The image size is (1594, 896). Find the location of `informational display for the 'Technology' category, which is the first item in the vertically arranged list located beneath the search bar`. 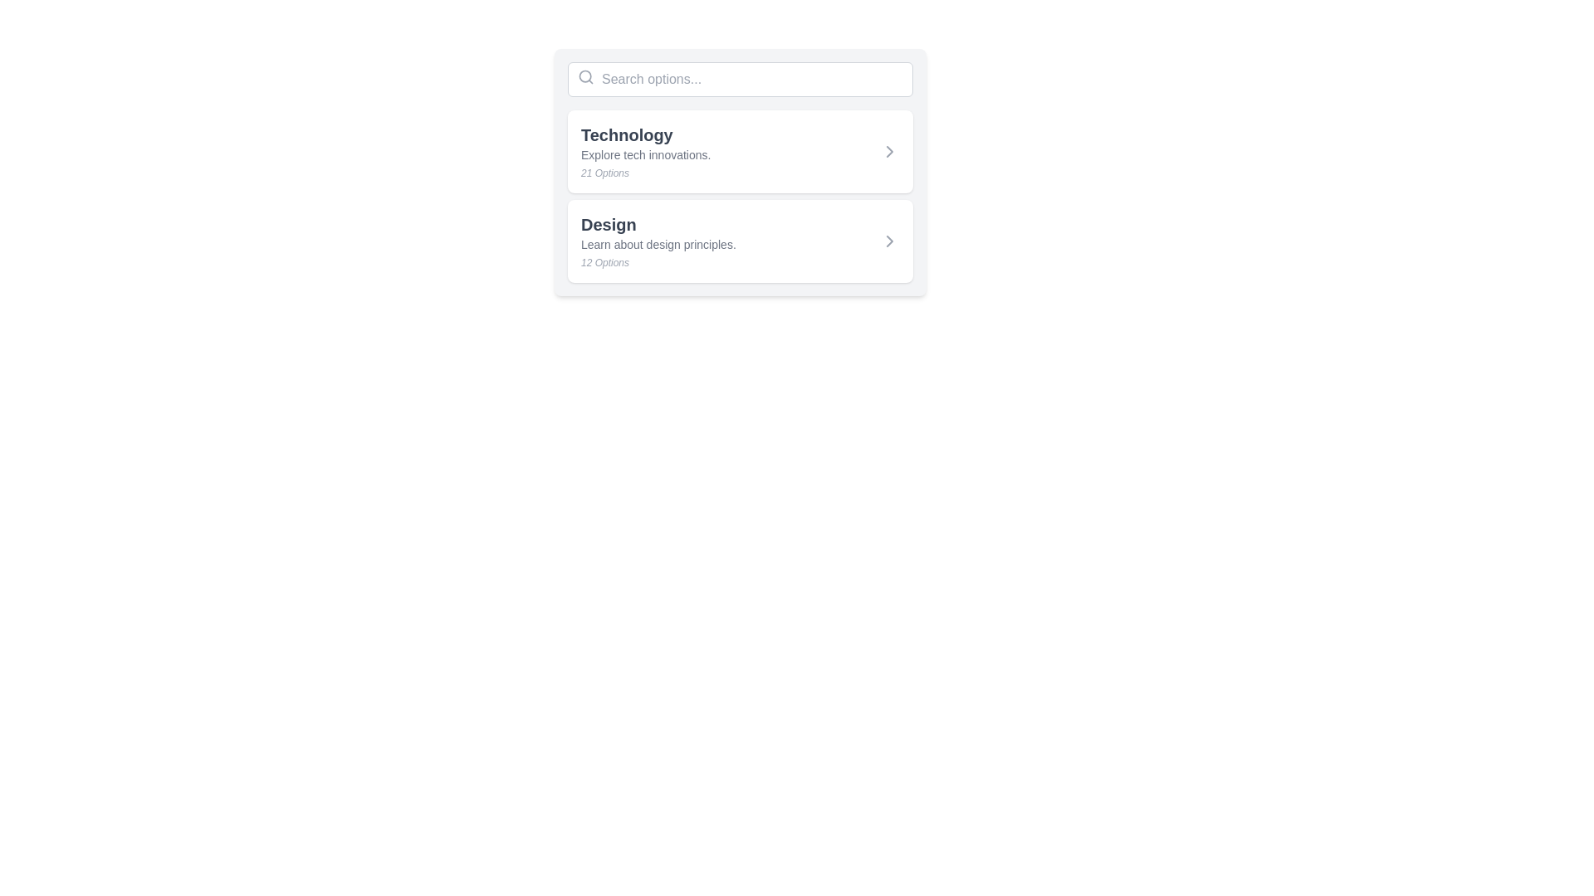

informational display for the 'Technology' category, which is the first item in the vertically arranged list located beneath the search bar is located at coordinates (645, 151).